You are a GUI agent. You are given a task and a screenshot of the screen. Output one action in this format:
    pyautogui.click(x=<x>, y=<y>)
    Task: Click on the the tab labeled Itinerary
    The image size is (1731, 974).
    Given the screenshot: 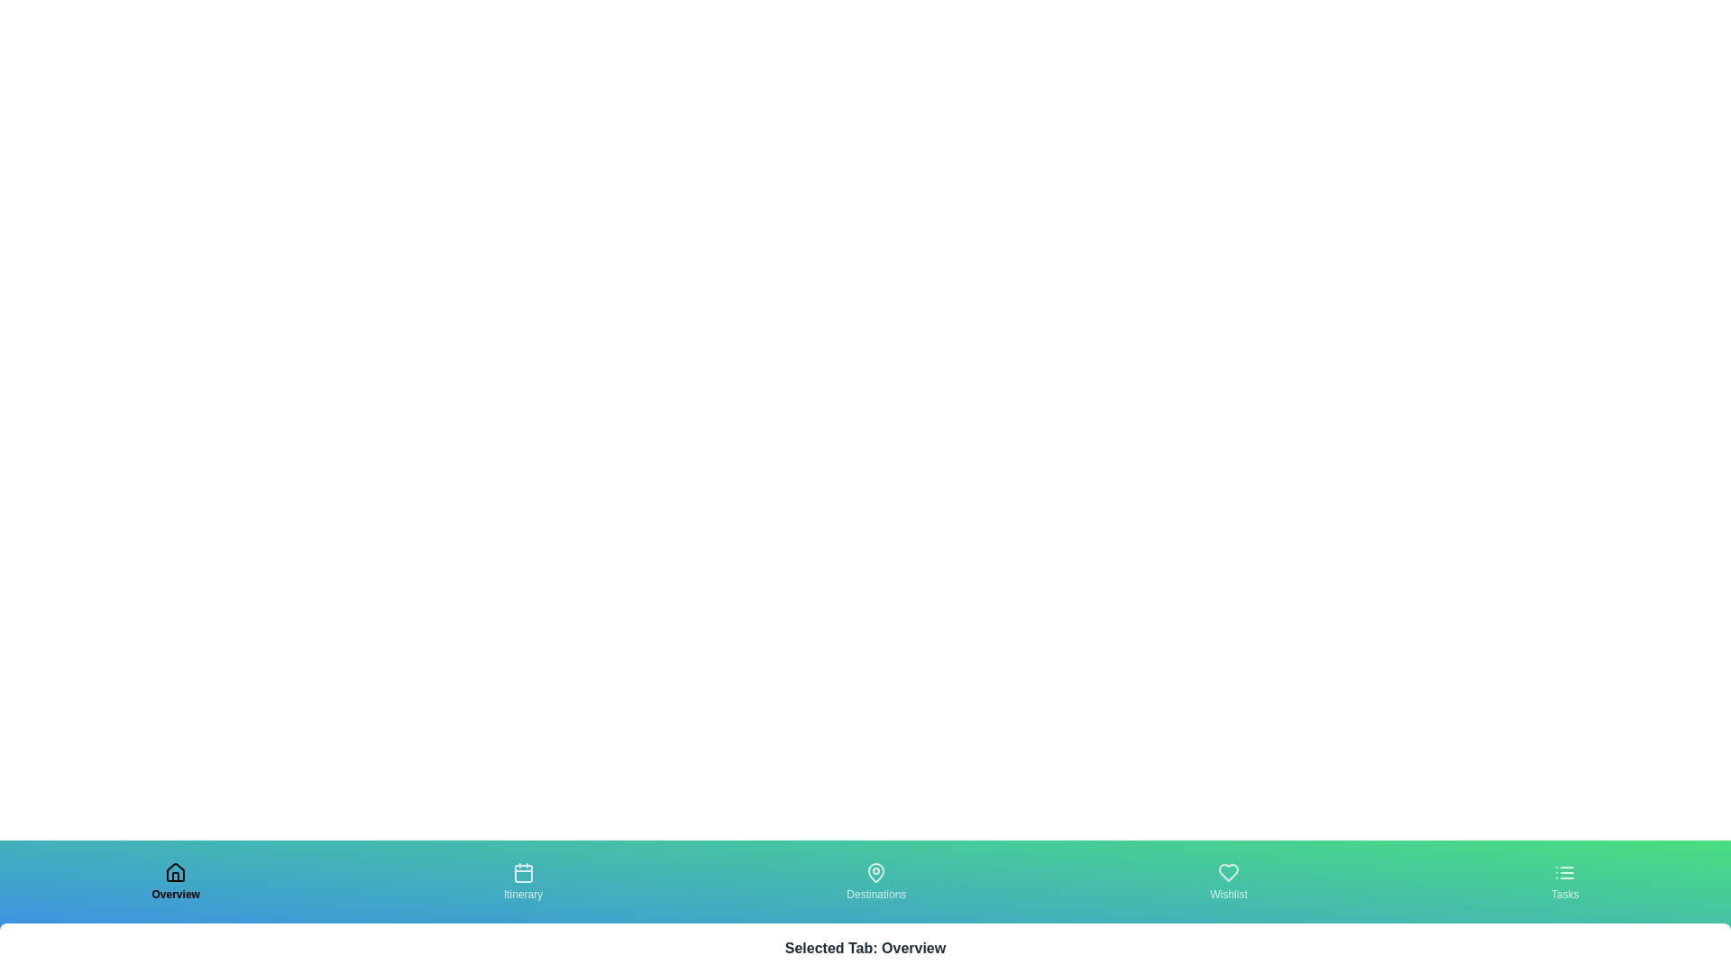 What is the action you would take?
    pyautogui.click(x=522, y=881)
    